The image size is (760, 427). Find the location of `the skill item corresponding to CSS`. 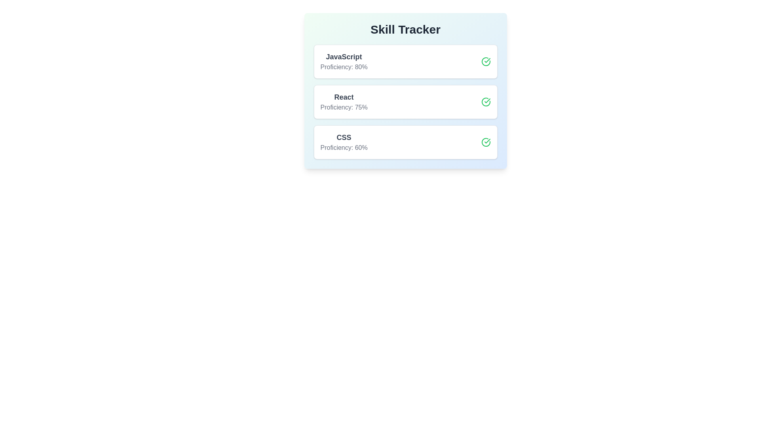

the skill item corresponding to CSS is located at coordinates (405, 142).